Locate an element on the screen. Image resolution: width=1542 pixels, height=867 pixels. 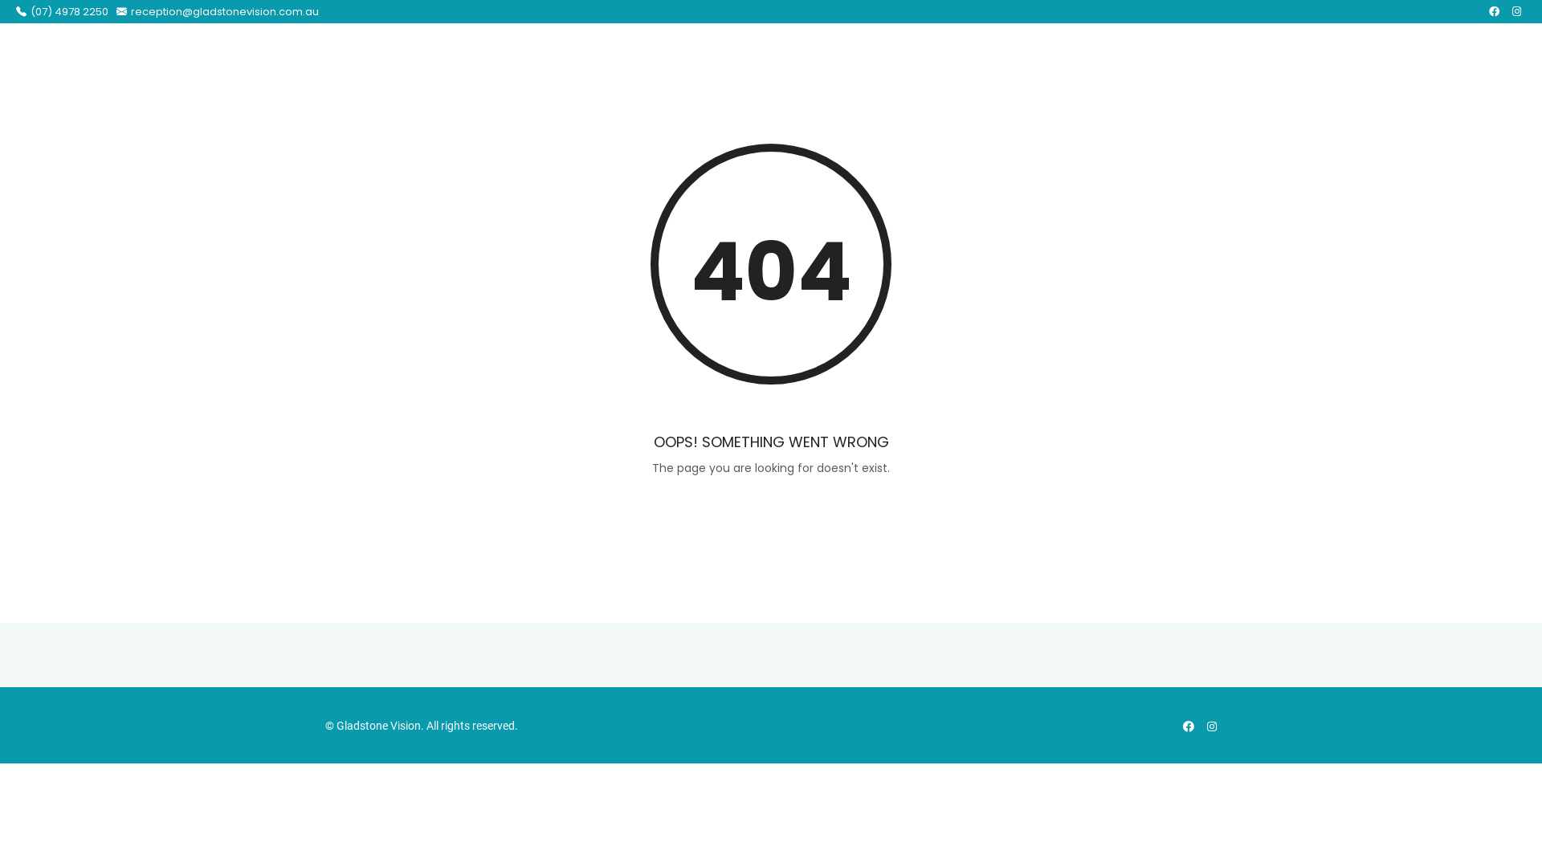
'Facebook' is located at coordinates (1493, 11).